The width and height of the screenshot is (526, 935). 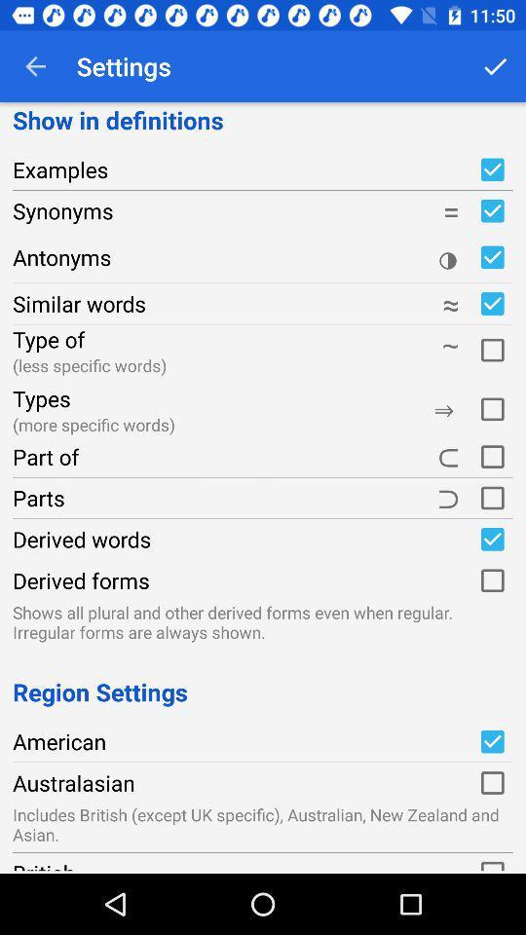 What do you see at coordinates (491, 168) in the screenshot?
I see `turn off examples` at bounding box center [491, 168].